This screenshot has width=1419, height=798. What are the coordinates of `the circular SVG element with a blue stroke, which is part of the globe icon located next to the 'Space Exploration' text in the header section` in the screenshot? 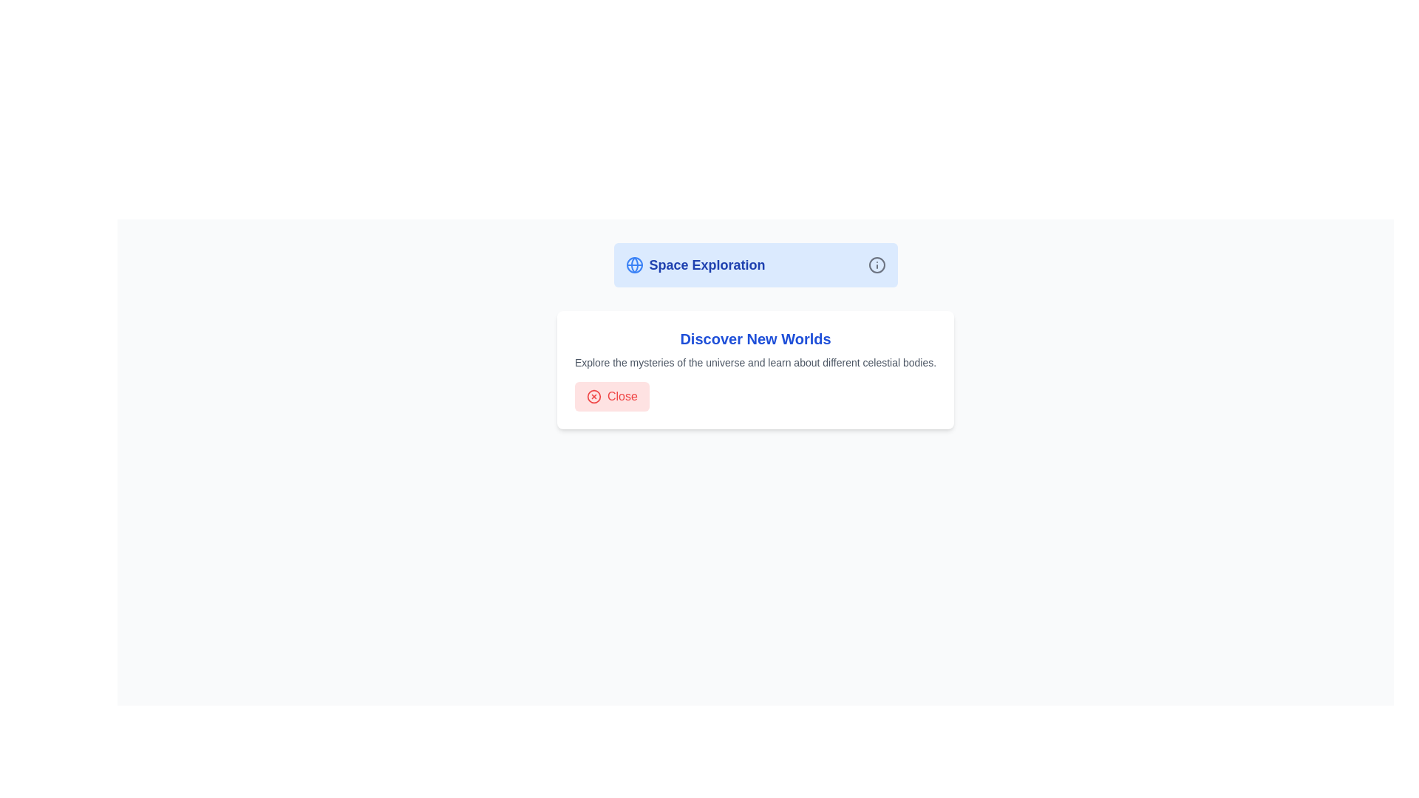 It's located at (634, 264).